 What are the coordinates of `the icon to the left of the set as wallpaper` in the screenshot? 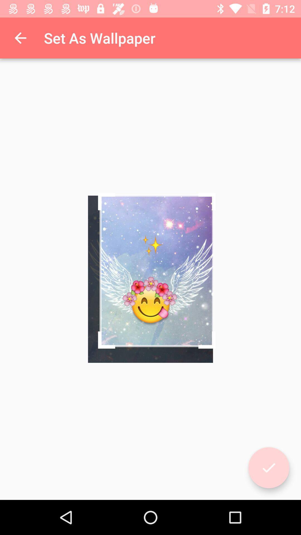 It's located at (20, 38).